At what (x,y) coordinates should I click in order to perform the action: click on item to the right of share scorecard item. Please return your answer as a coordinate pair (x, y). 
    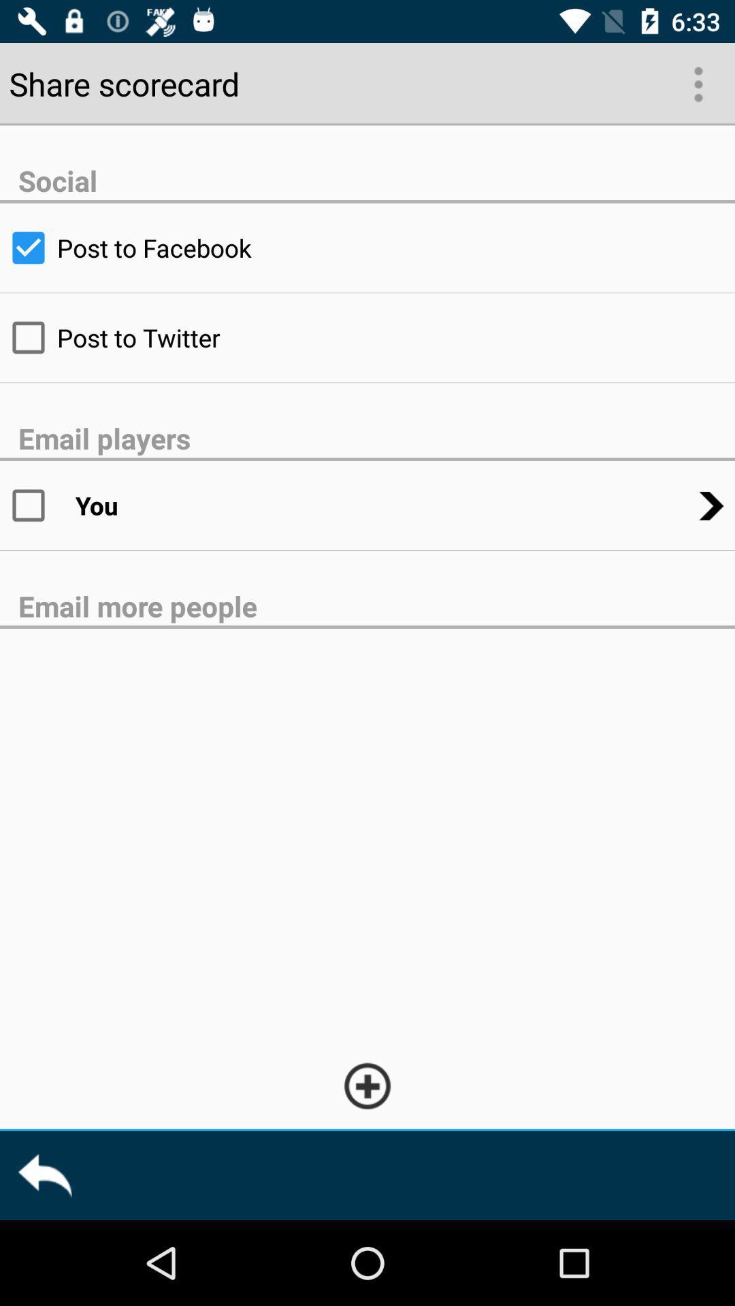
    Looking at the image, I should click on (697, 82).